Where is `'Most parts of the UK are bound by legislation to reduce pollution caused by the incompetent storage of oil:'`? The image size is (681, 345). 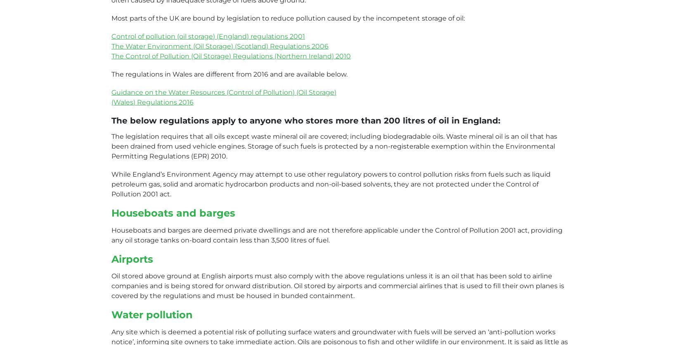 'Most parts of the UK are bound by legislation to reduce pollution caused by the incompetent storage of oil:' is located at coordinates (287, 18).